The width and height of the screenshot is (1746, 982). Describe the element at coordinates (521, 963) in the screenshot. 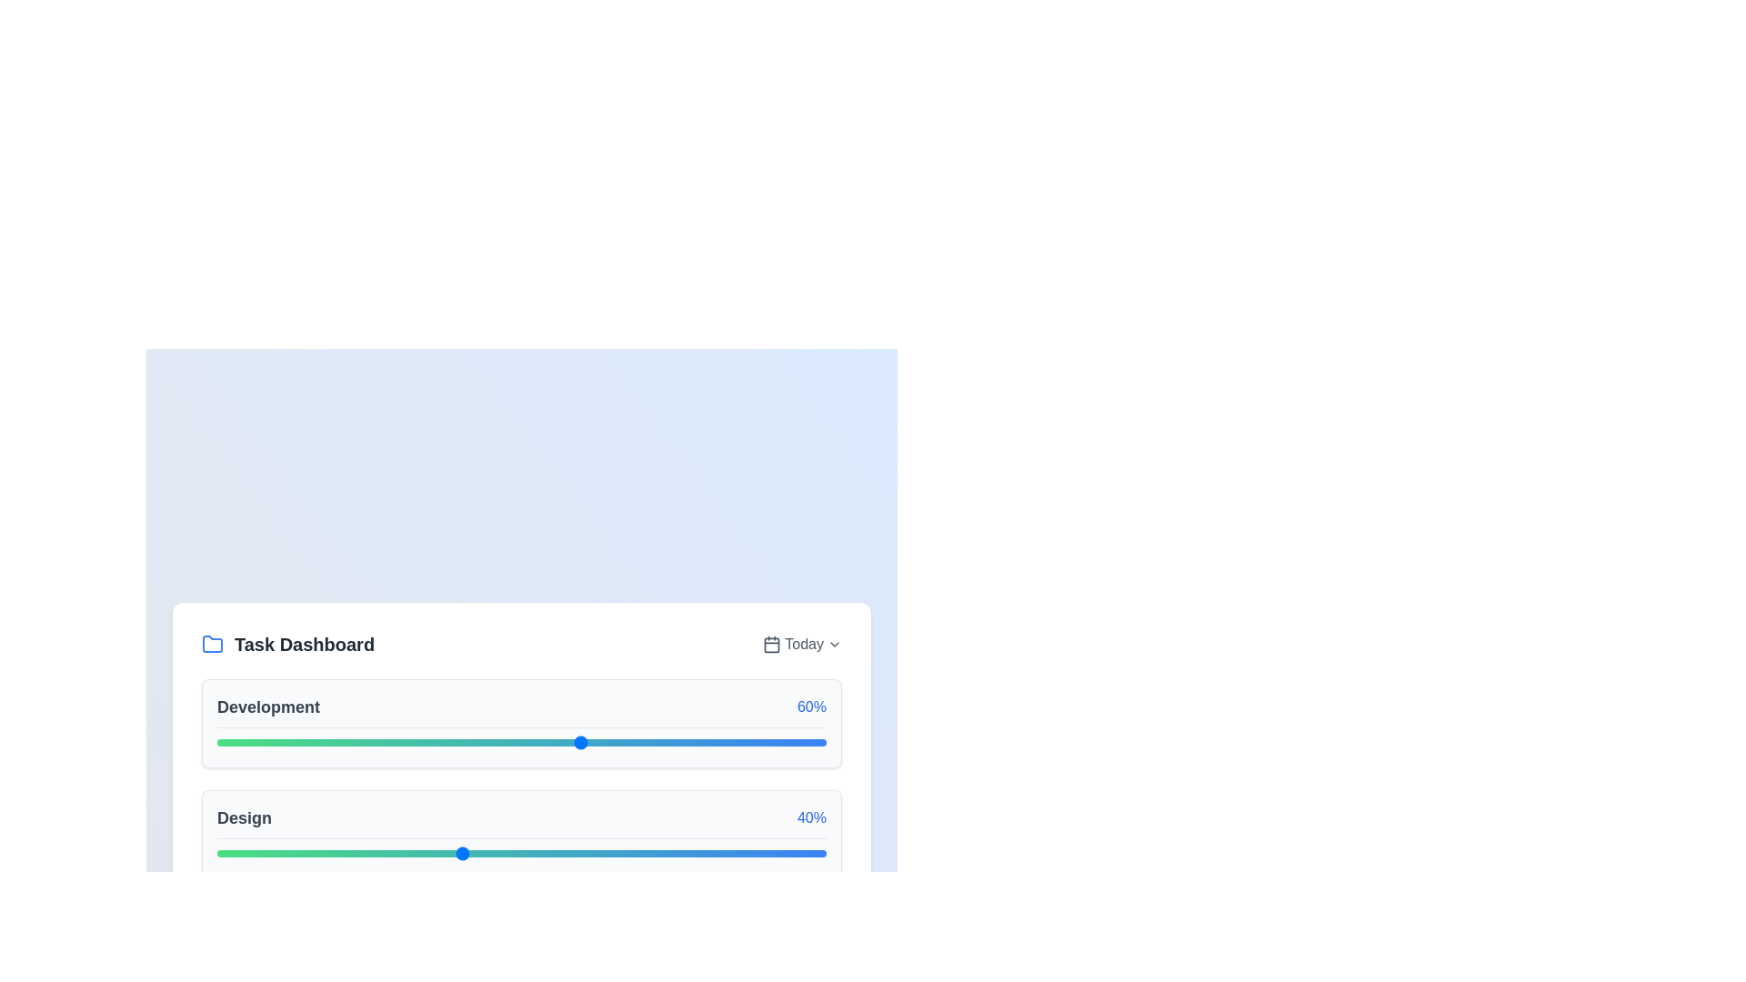

I see `the thumb of the range slider located below the text 'Testing' and the percentage '70%'` at that location.